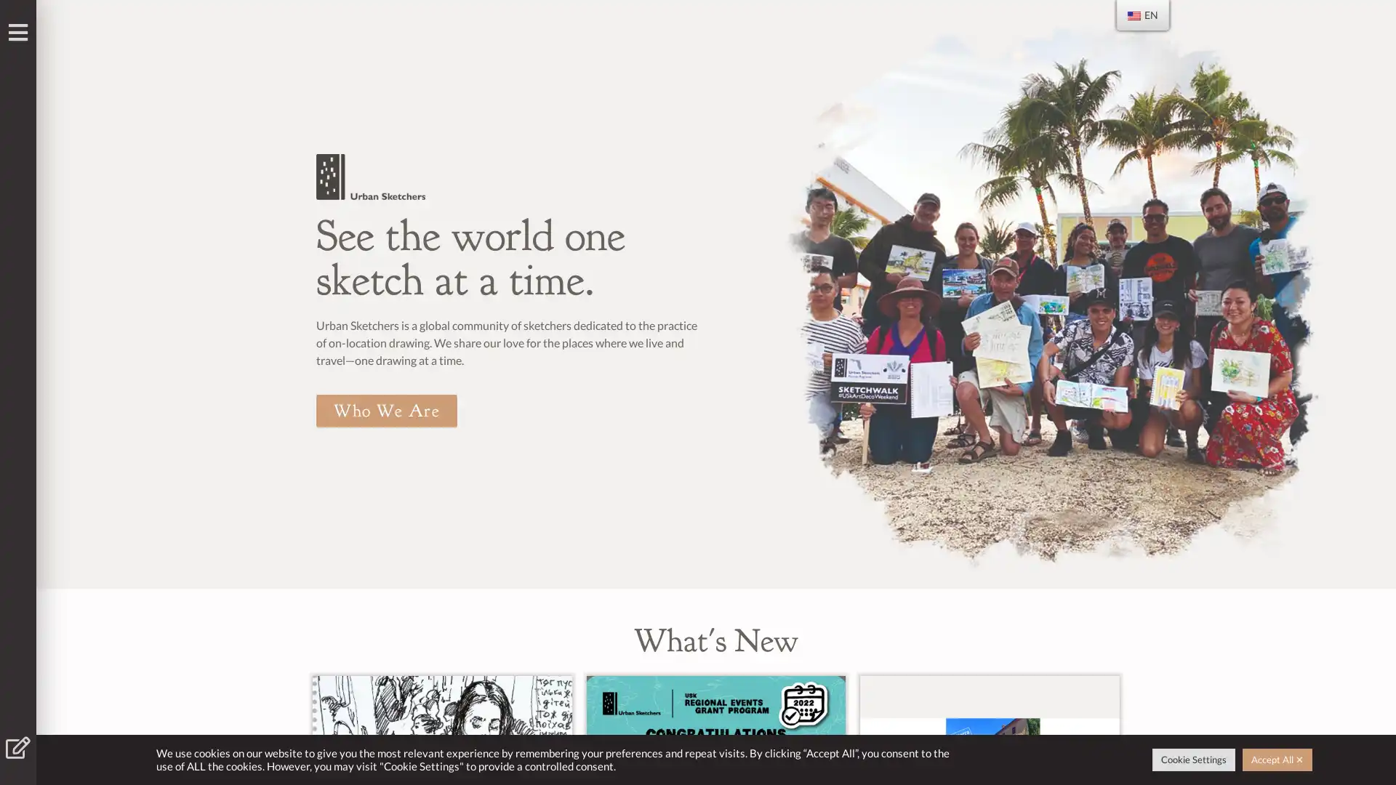  Describe the element at coordinates (387, 410) in the screenshot. I see `Who We Are` at that location.